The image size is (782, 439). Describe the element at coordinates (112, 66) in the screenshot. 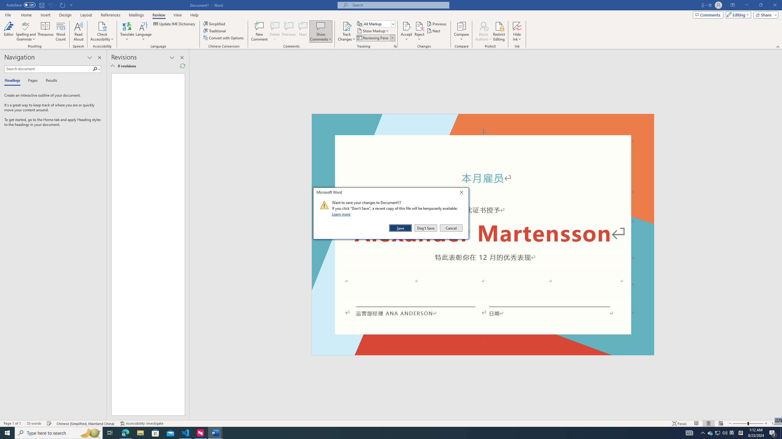

I see `'Show Detailed Summary'` at that location.